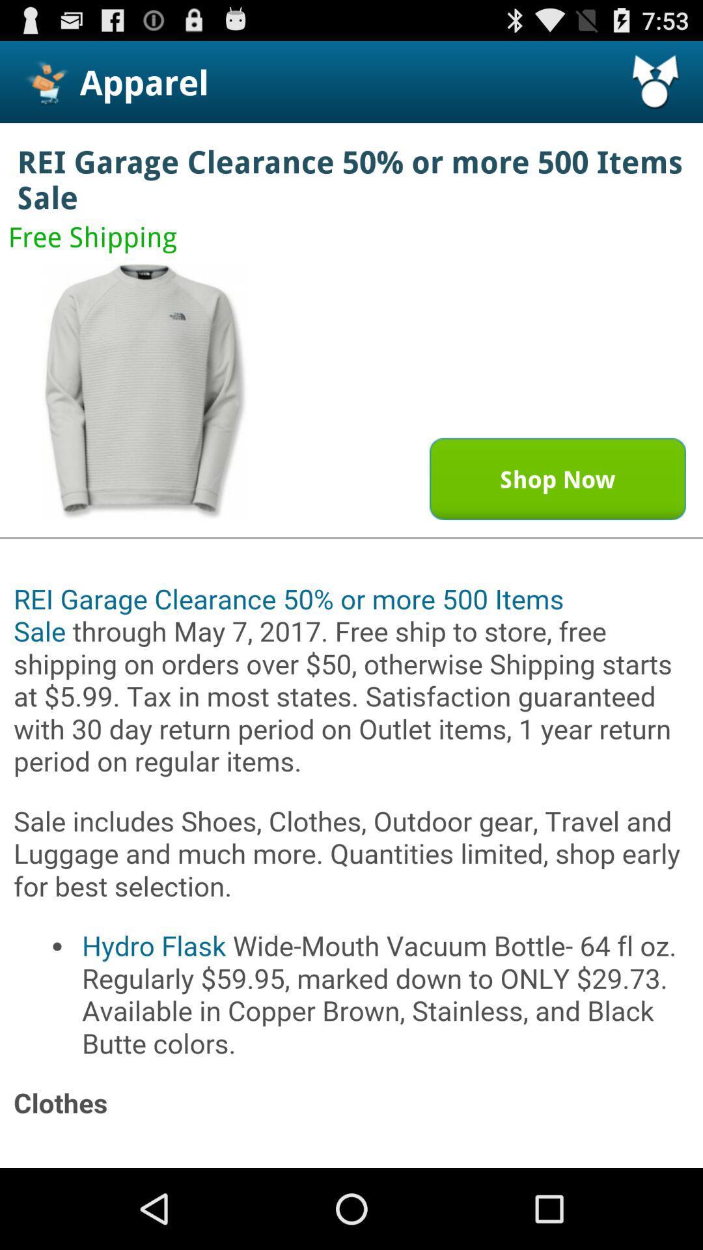 This screenshot has height=1250, width=703. What do you see at coordinates (145, 391) in the screenshot?
I see `open image in a bigger window` at bounding box center [145, 391].